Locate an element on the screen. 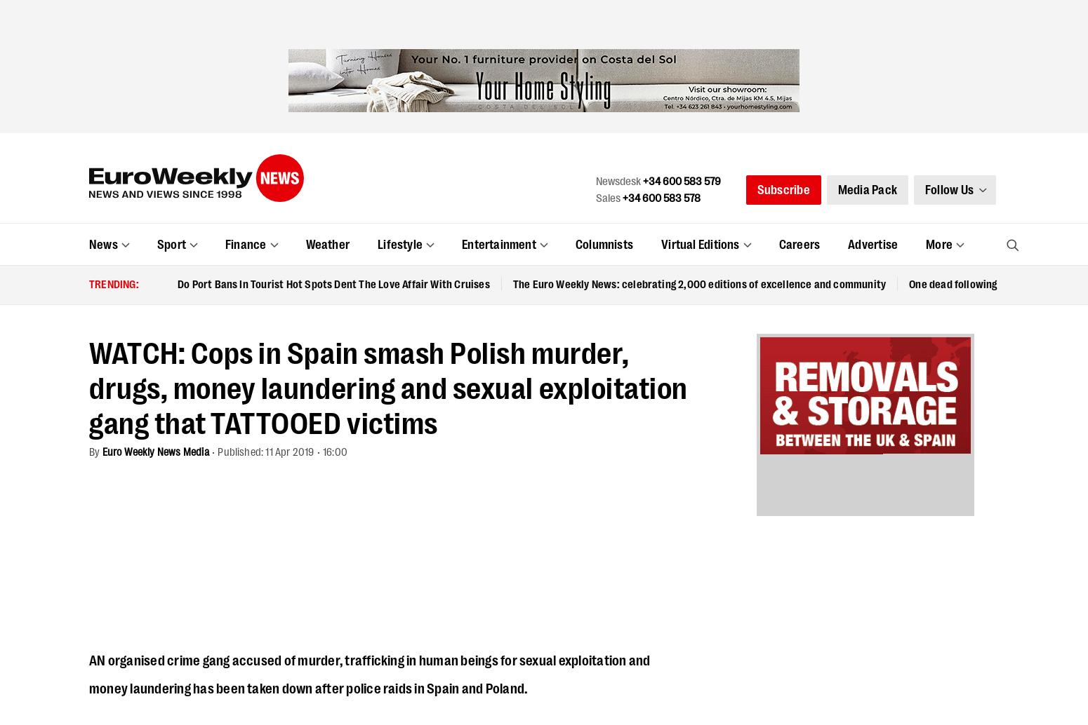 The image size is (1088, 725). 'Euro Weekly News Media' is located at coordinates (304, 334).